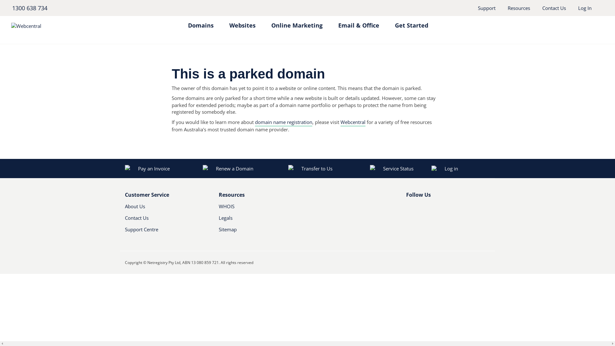 The image size is (615, 346). Describe the element at coordinates (200, 22) in the screenshot. I see `'Domains'` at that location.